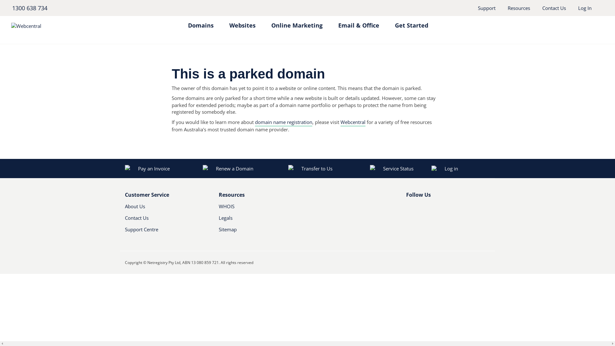 The image size is (615, 346). Describe the element at coordinates (200, 22) in the screenshot. I see `'Domains'` at that location.